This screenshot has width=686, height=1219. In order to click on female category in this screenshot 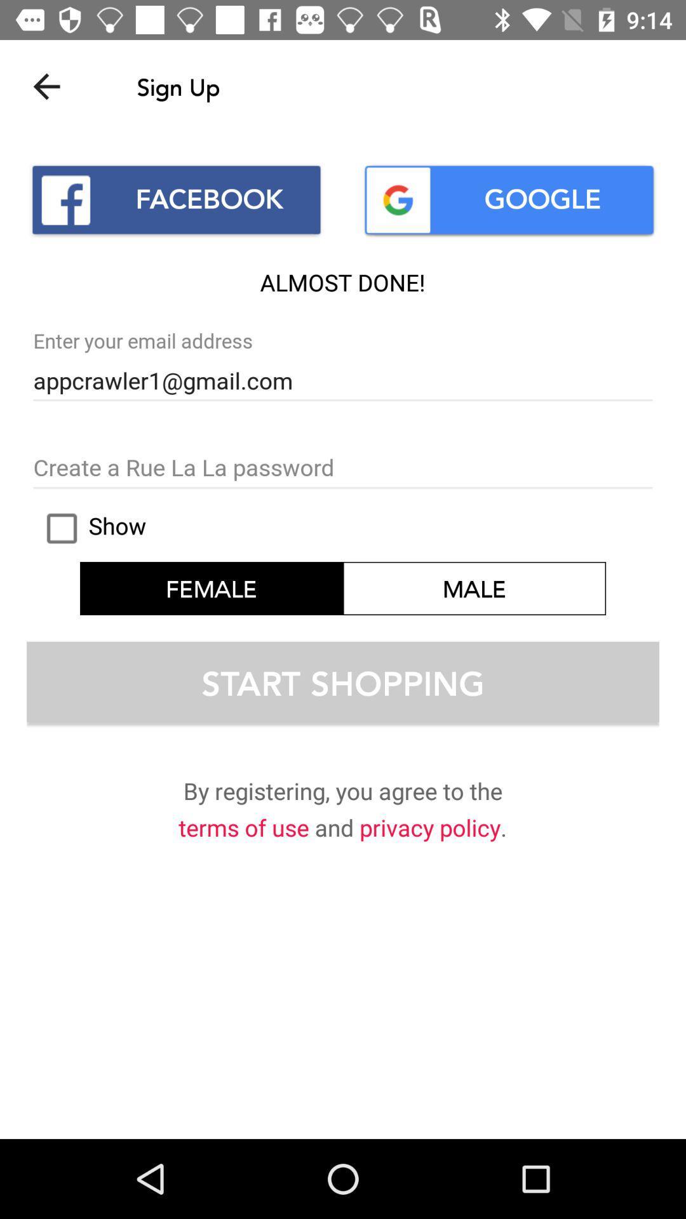, I will do `click(210, 587)`.